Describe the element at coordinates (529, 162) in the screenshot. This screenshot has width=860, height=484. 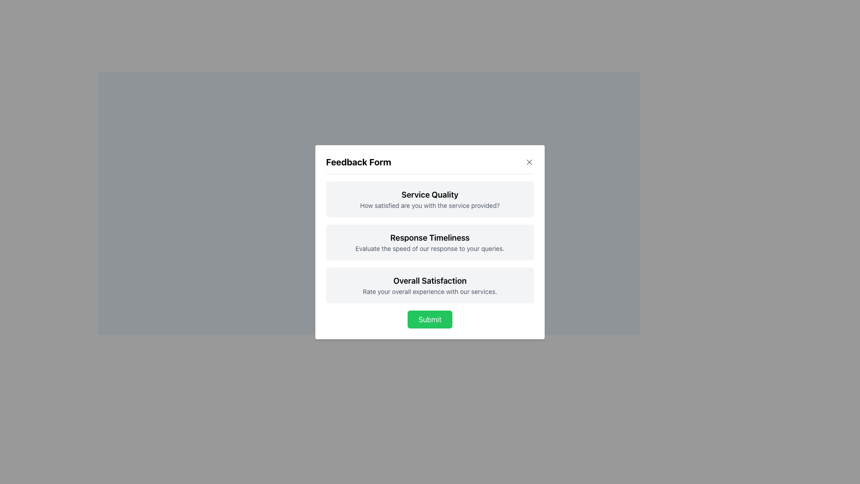
I see `the small square 'X' button in the top-right corner of the 'Feedback Form' modal` at that location.